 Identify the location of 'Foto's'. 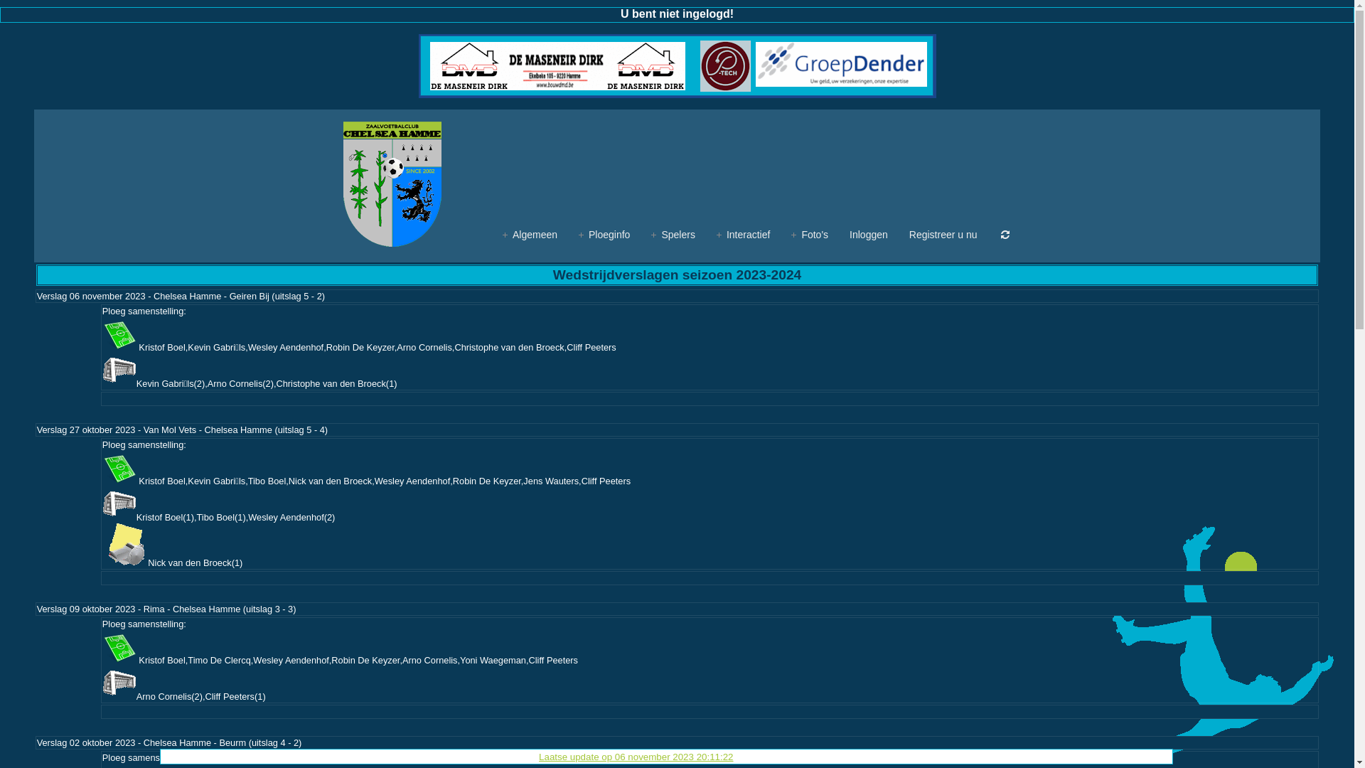
(809, 234).